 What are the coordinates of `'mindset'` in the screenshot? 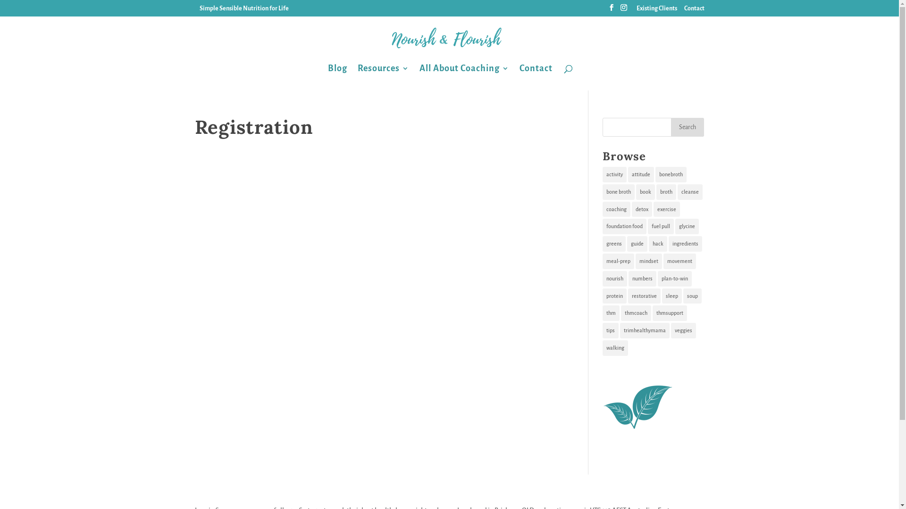 It's located at (636, 261).